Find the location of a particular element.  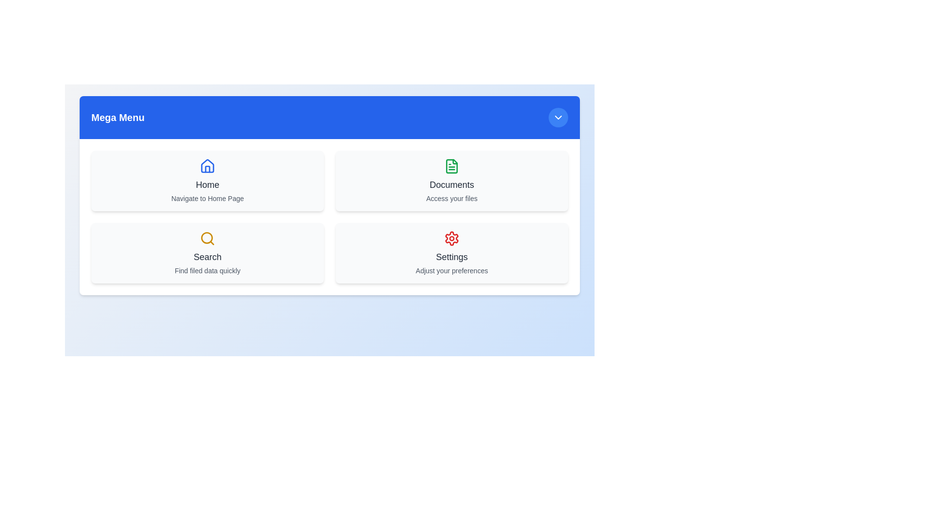

the center of the 'Home' card to navigate to the home page is located at coordinates (207, 181).